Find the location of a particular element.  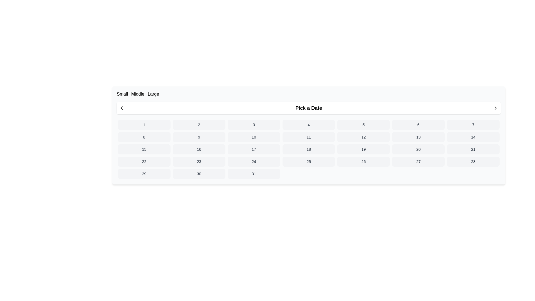

the button displaying the number '9' which has a light gray background and is located in the second row and second column of the grid is located at coordinates (199, 137).